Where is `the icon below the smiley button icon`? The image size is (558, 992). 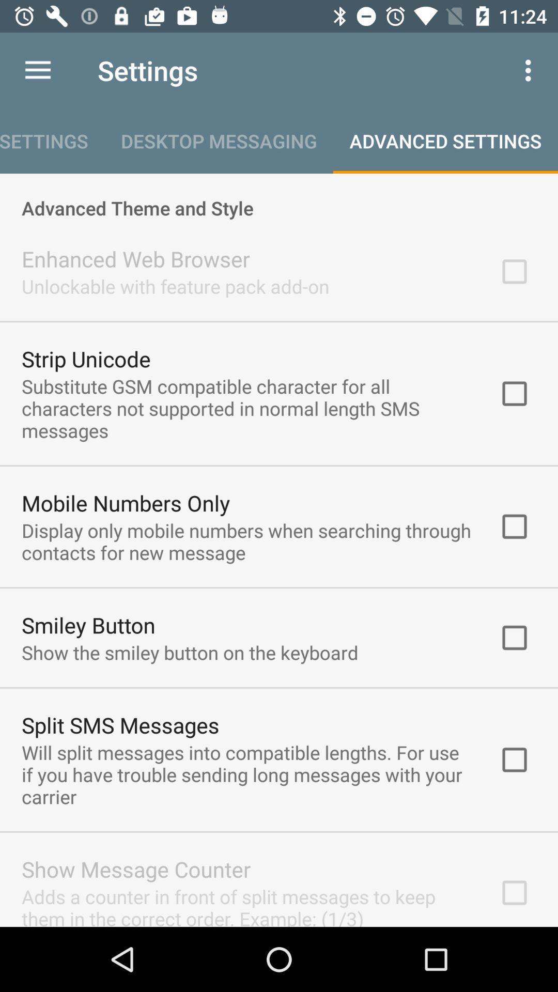 the icon below the smiley button icon is located at coordinates (190, 652).